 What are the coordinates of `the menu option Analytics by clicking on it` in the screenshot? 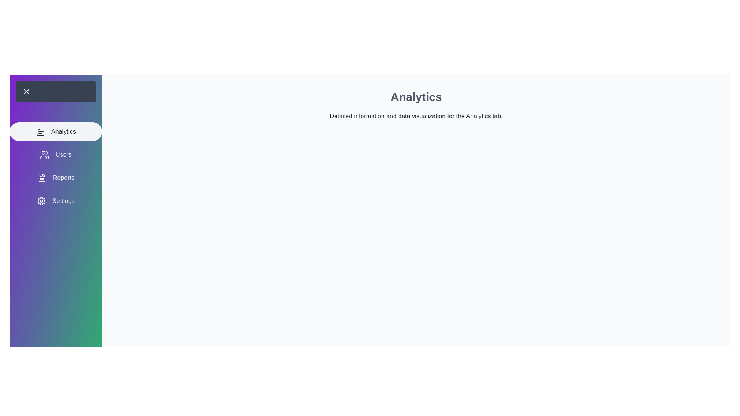 It's located at (55, 131).